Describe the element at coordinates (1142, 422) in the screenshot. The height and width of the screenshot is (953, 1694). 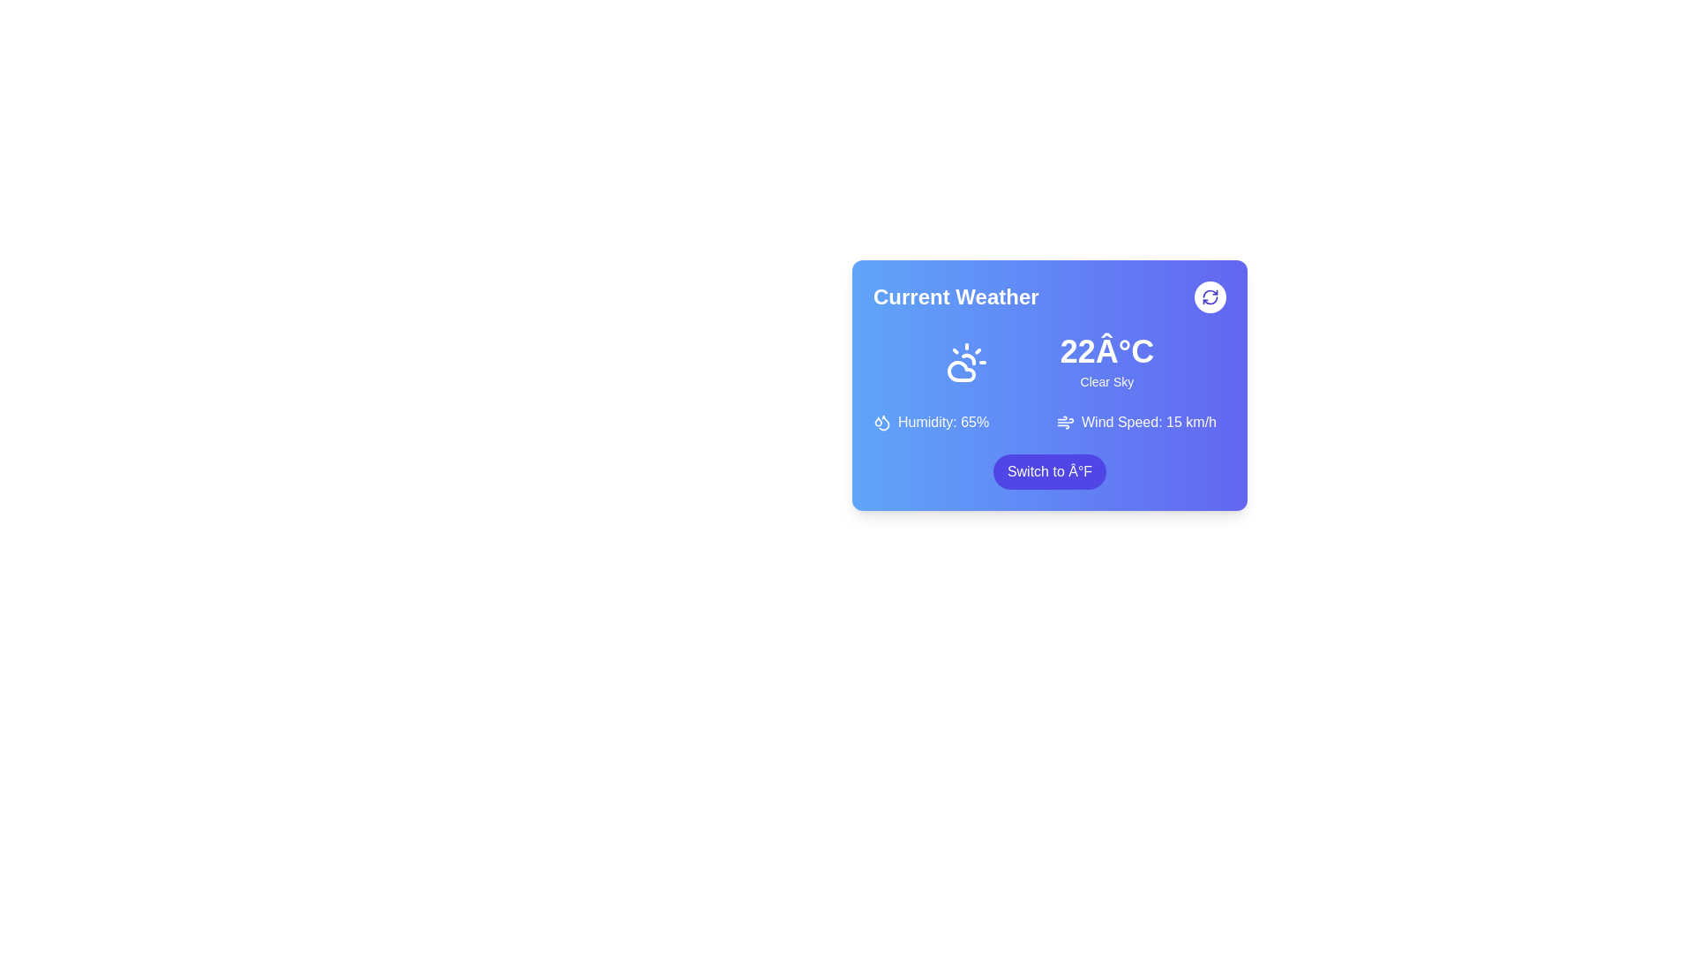
I see `the Text Label with Icon displaying 'Wind Speed: 15 km/h', which is located in the lower-right quadrant of the card, below the temperature display and next to the humidity indicator` at that location.